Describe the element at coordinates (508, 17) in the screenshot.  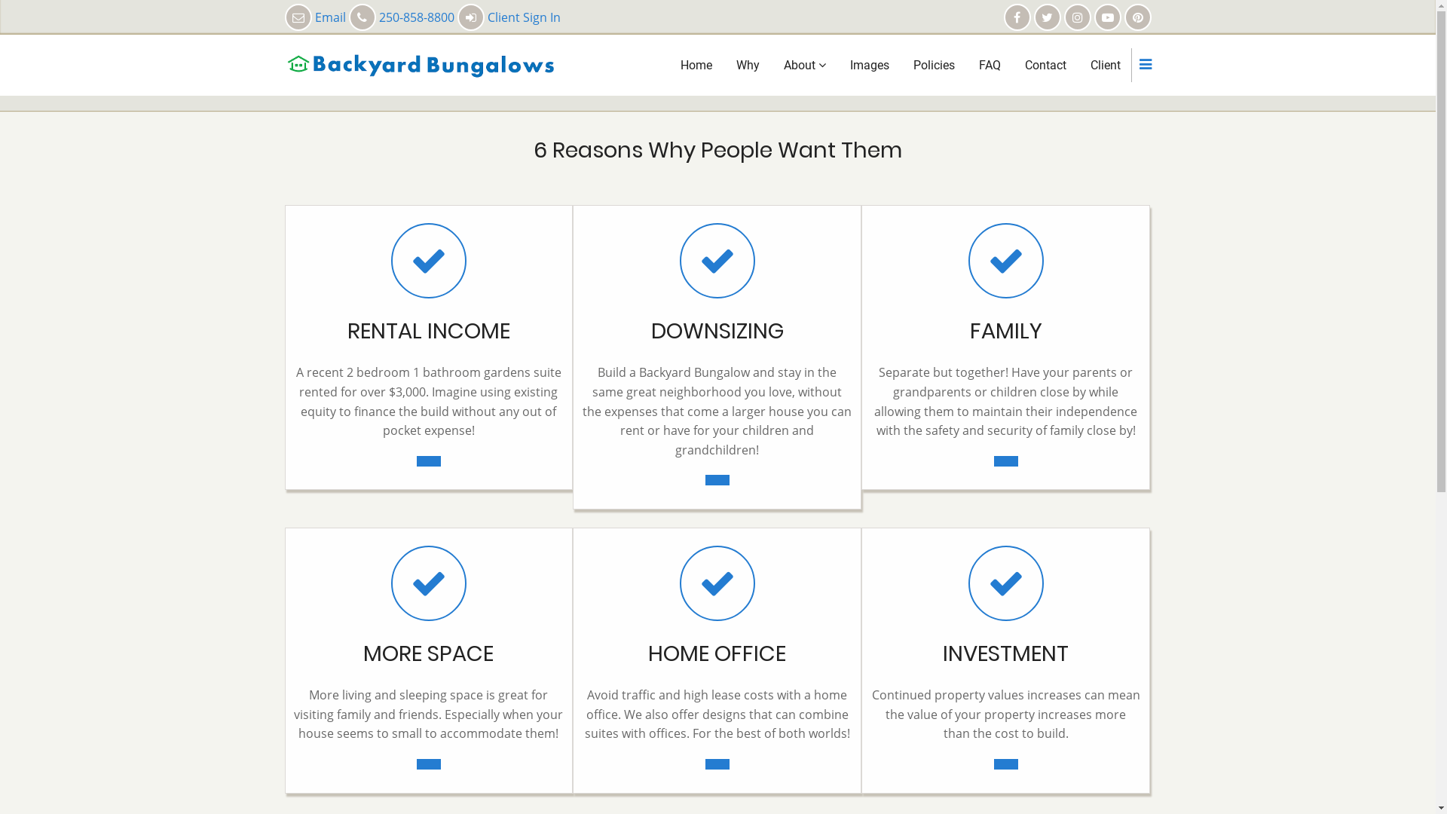
I see `'Client Sign In'` at that location.